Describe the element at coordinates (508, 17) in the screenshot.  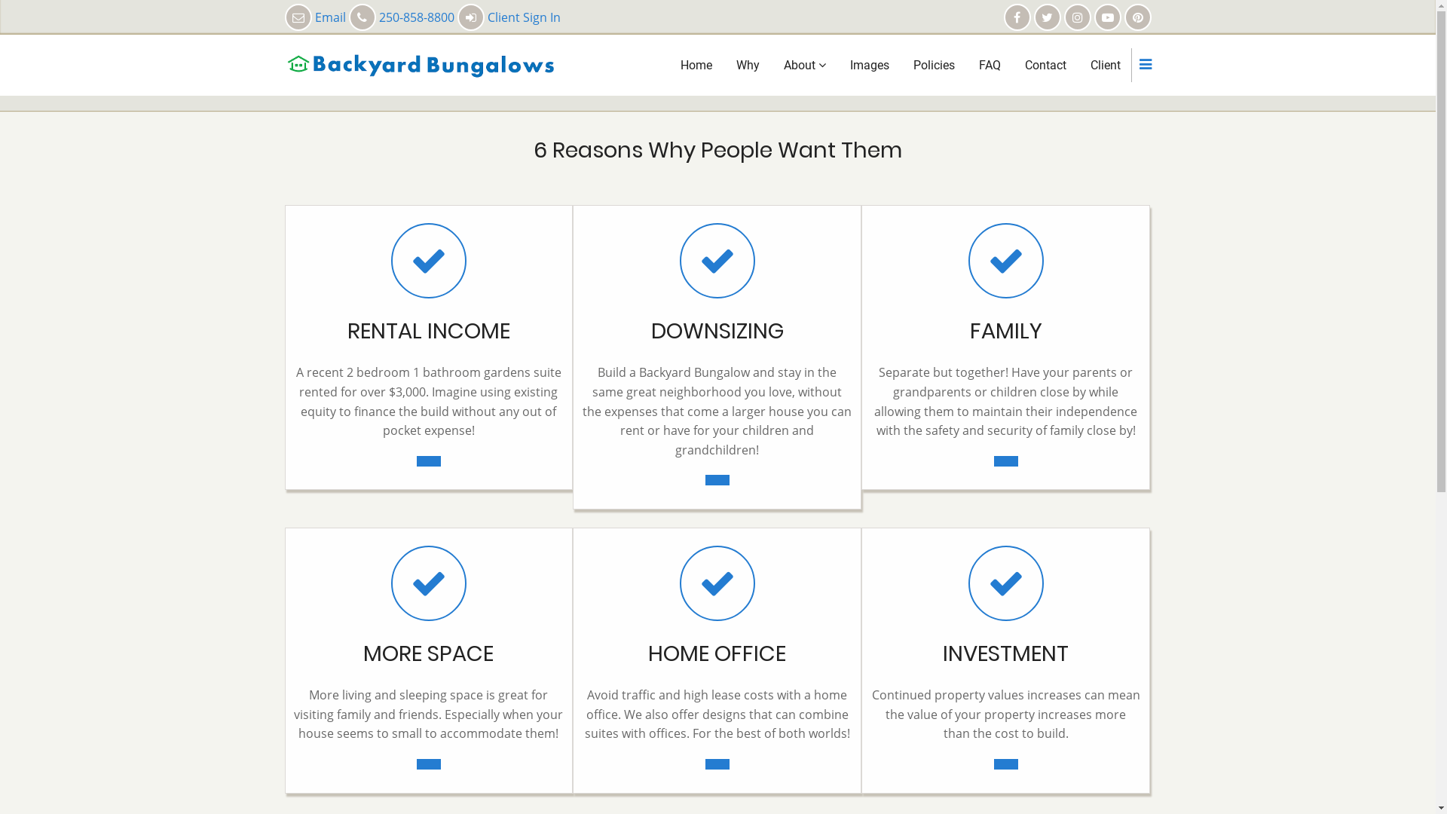
I see `'Client Sign In'` at that location.